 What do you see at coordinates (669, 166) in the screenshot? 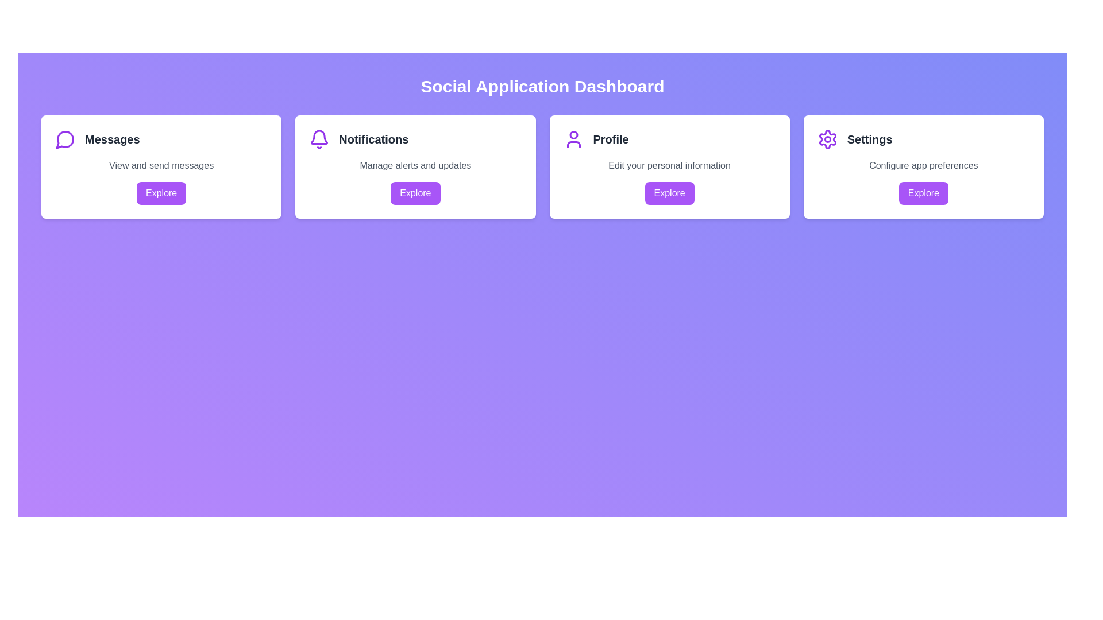
I see `the 'Explore' button located at the bottom of the Profile card, which has a white background, rounded corners, and contains a purple user icon and bold 'Profile' text` at bounding box center [669, 166].